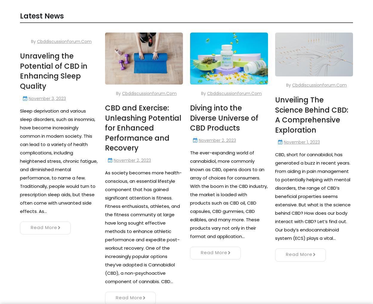 The height and width of the screenshot is (304, 373). What do you see at coordinates (105, 45) in the screenshot?
I see `'Unraveling the Benefits of CBD for Pain Relief'` at bounding box center [105, 45].